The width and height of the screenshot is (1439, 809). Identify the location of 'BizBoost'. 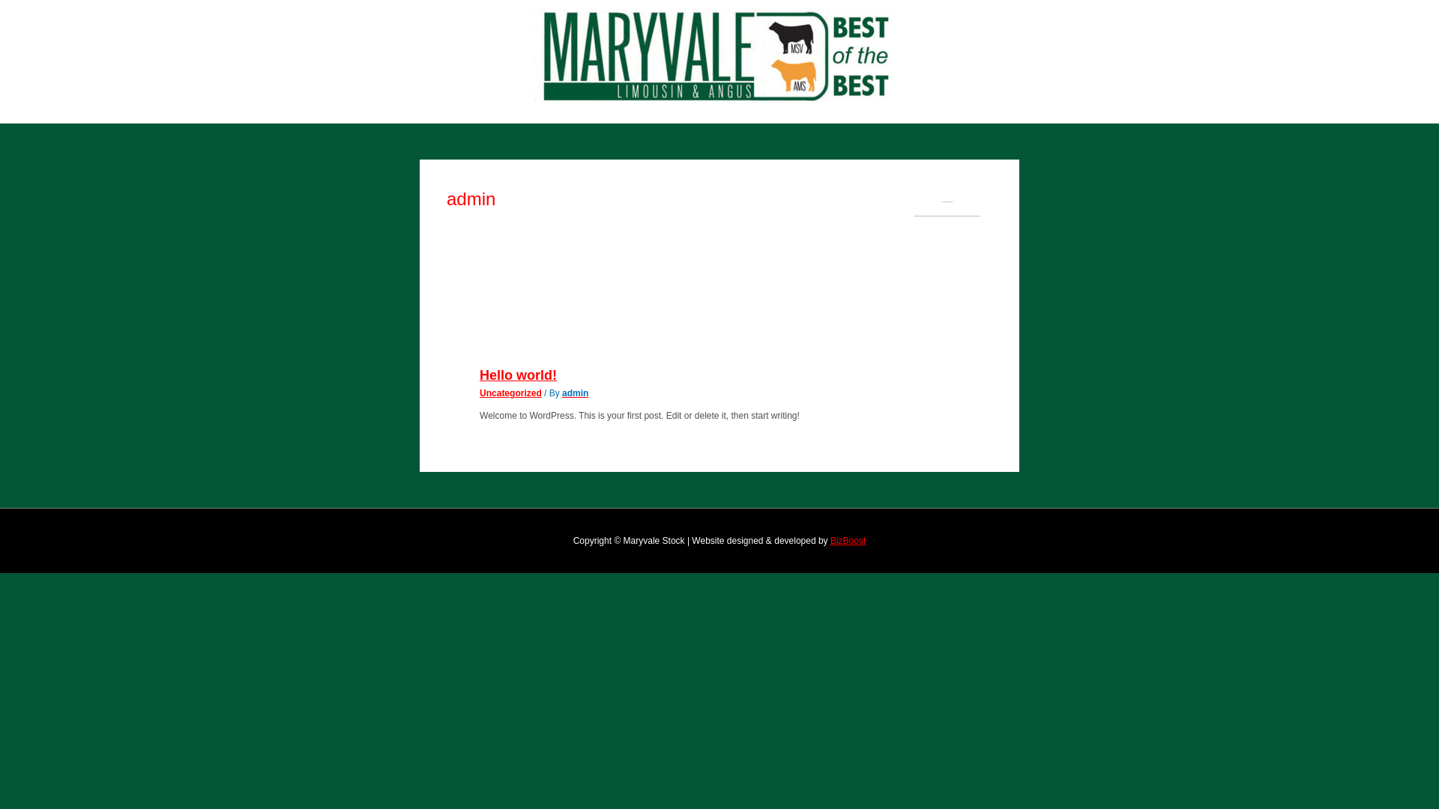
(830, 540).